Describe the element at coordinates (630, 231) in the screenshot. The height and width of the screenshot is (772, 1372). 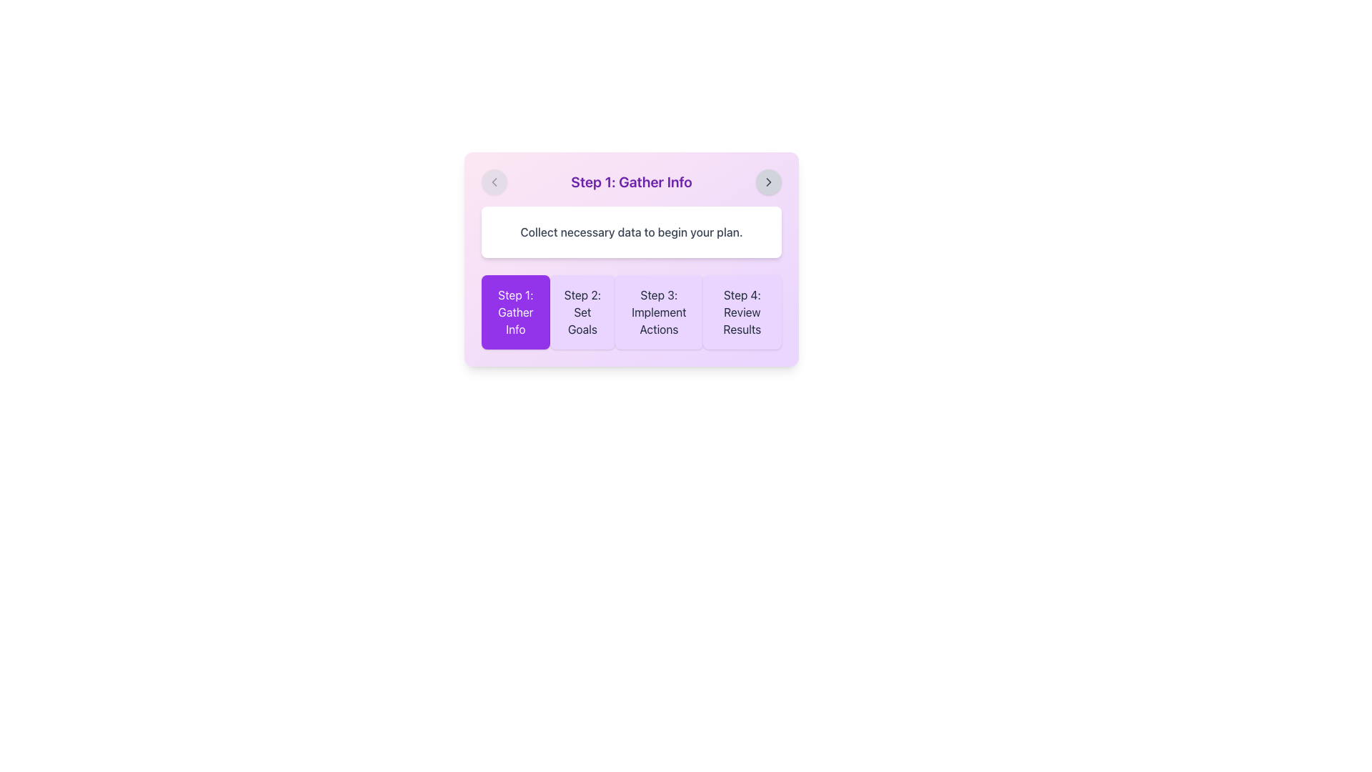
I see `instruction text displayed in the Static Text Element located centrally within the white box below the title 'Step 1: Gather Info'` at that location.